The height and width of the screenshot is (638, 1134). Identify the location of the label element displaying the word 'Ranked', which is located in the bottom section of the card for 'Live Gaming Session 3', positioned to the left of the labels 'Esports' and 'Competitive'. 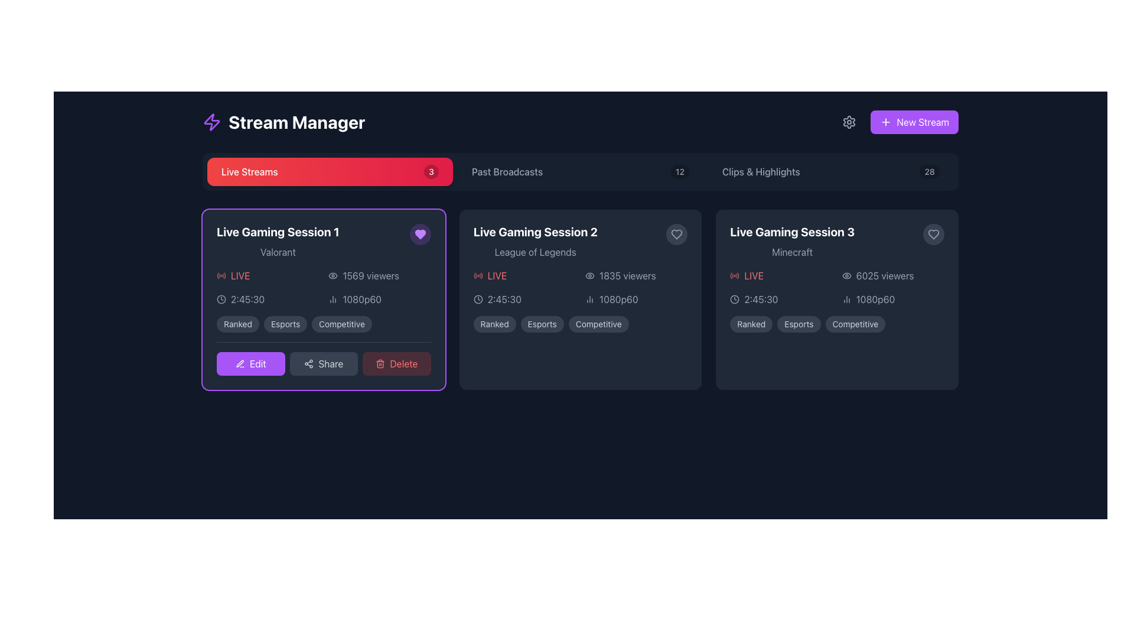
(751, 324).